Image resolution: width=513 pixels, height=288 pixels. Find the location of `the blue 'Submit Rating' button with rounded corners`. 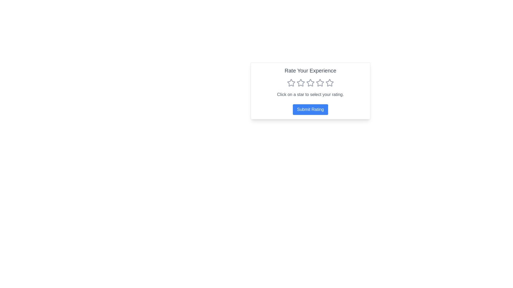

the blue 'Submit Rating' button with rounded corners is located at coordinates (310, 109).